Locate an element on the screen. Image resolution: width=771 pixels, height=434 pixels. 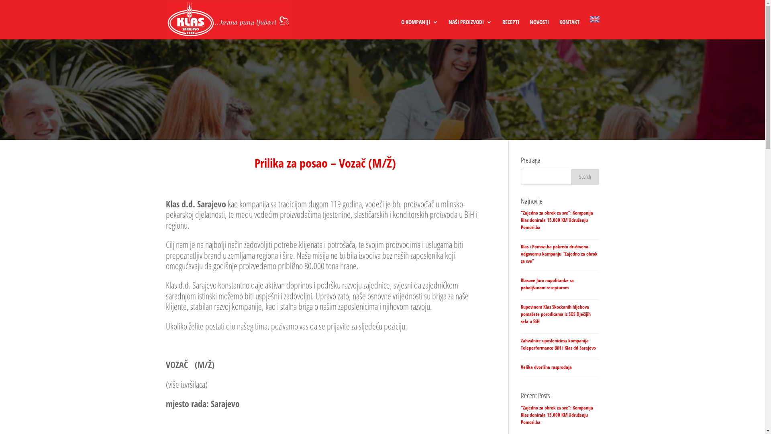
'O KOMPANIJI' is located at coordinates (401, 29).